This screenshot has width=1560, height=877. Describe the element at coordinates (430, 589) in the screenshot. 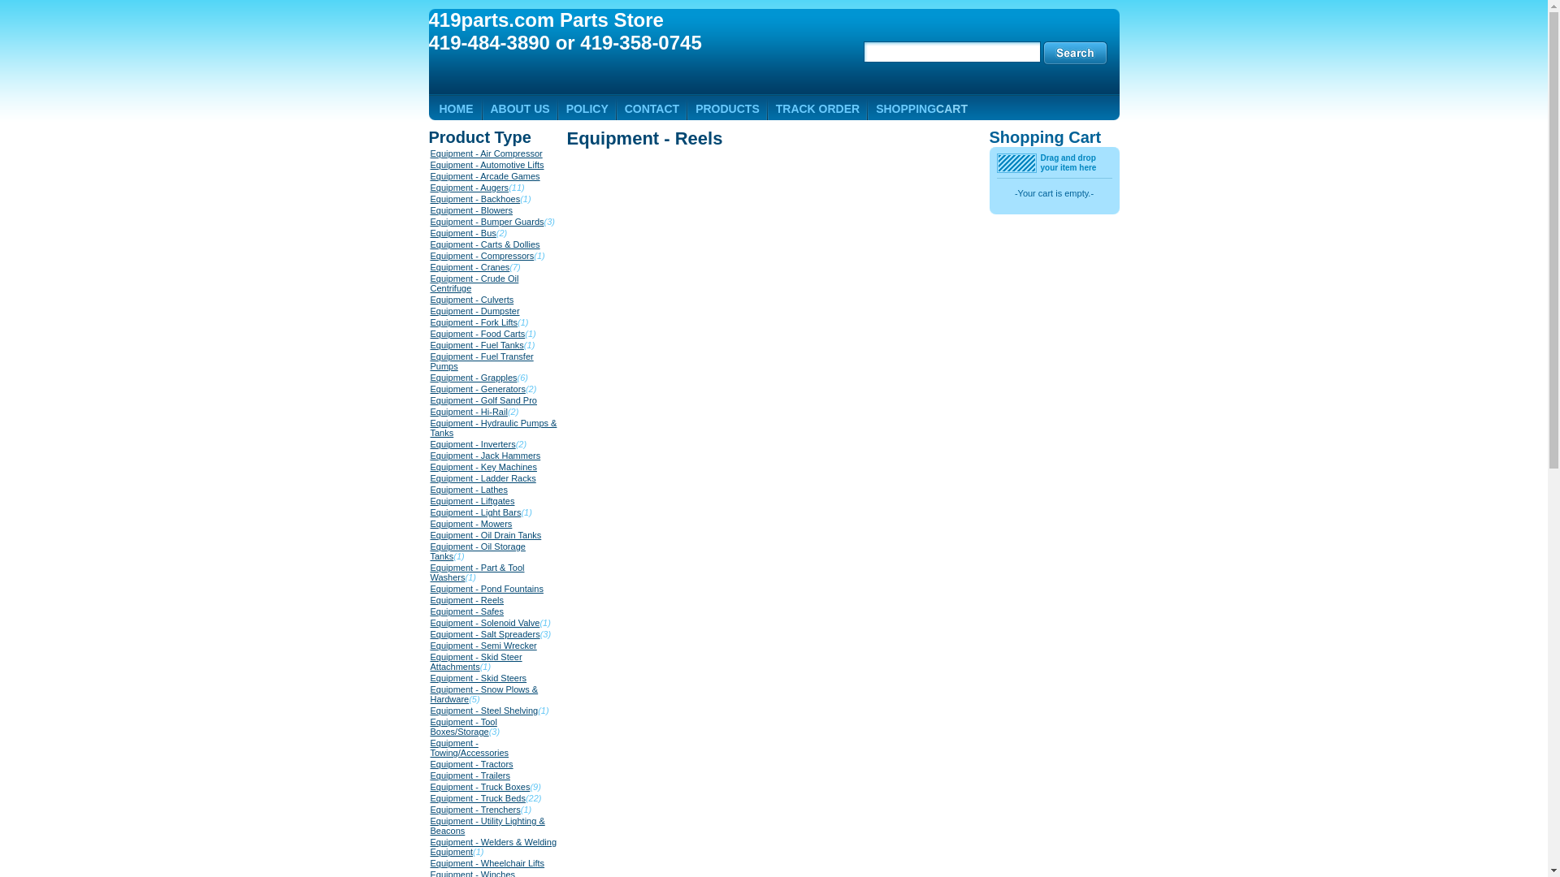

I see `'Equipment - Pond Fountains'` at that location.